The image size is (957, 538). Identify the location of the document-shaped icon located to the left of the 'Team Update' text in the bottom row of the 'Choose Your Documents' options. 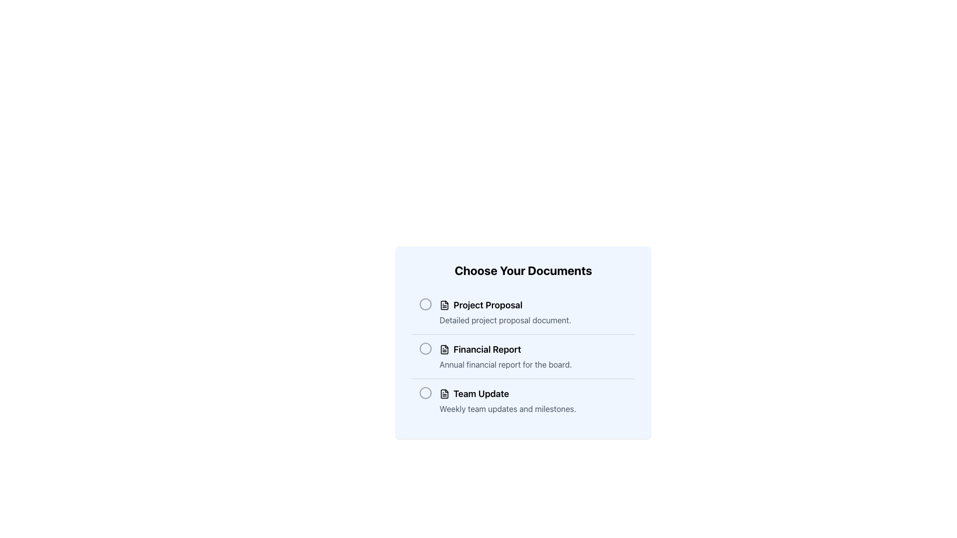
(444, 393).